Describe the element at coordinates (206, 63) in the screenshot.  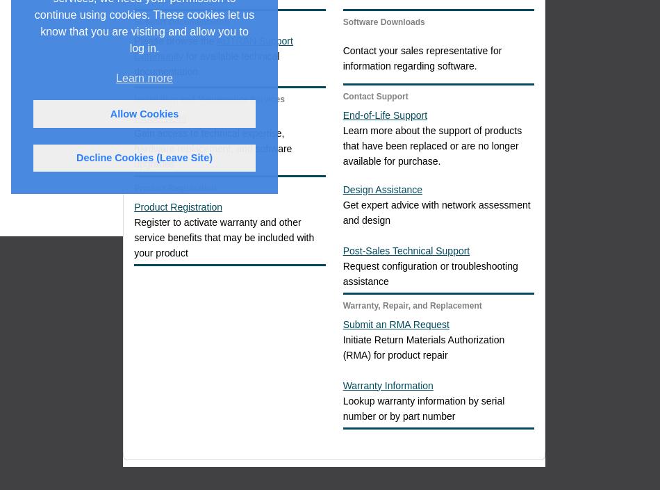
I see `'for available technical documentation.'` at that location.